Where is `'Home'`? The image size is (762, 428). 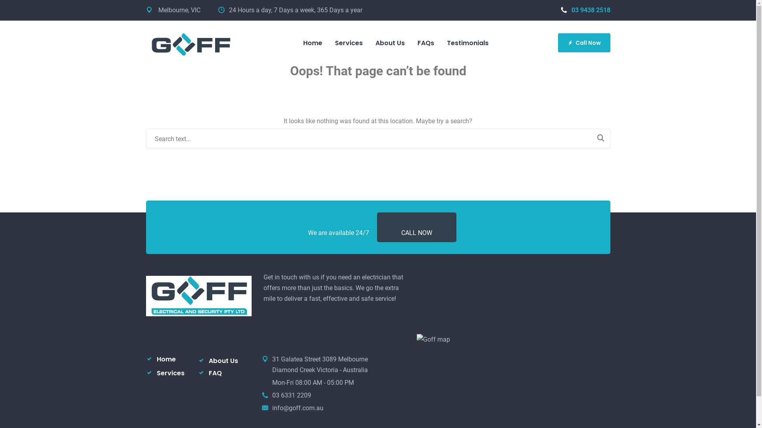 'Home' is located at coordinates (165, 359).